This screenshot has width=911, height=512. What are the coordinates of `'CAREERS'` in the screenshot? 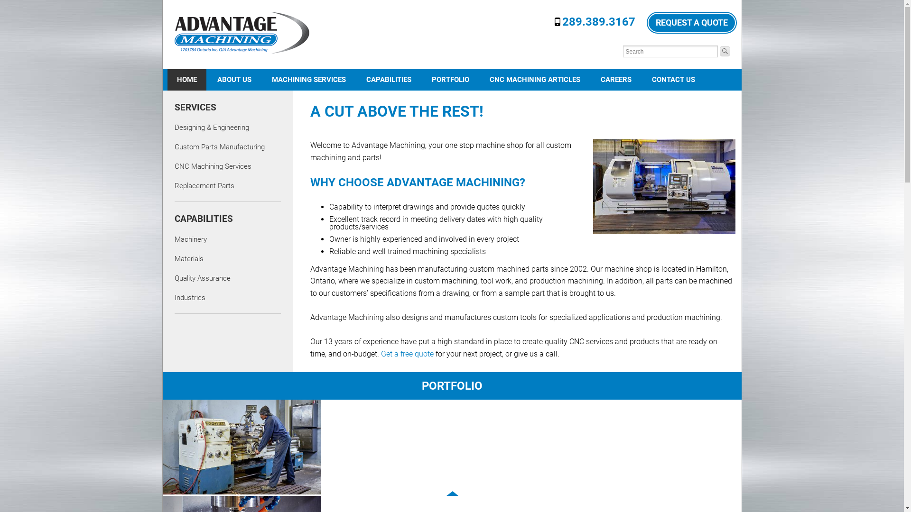 It's located at (616, 79).